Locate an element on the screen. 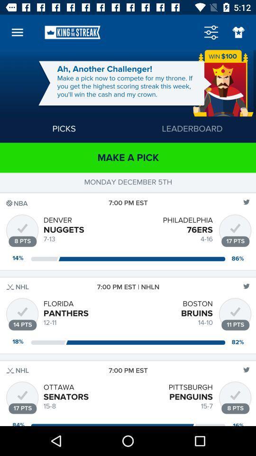  click the detail option is located at coordinates (211, 32).